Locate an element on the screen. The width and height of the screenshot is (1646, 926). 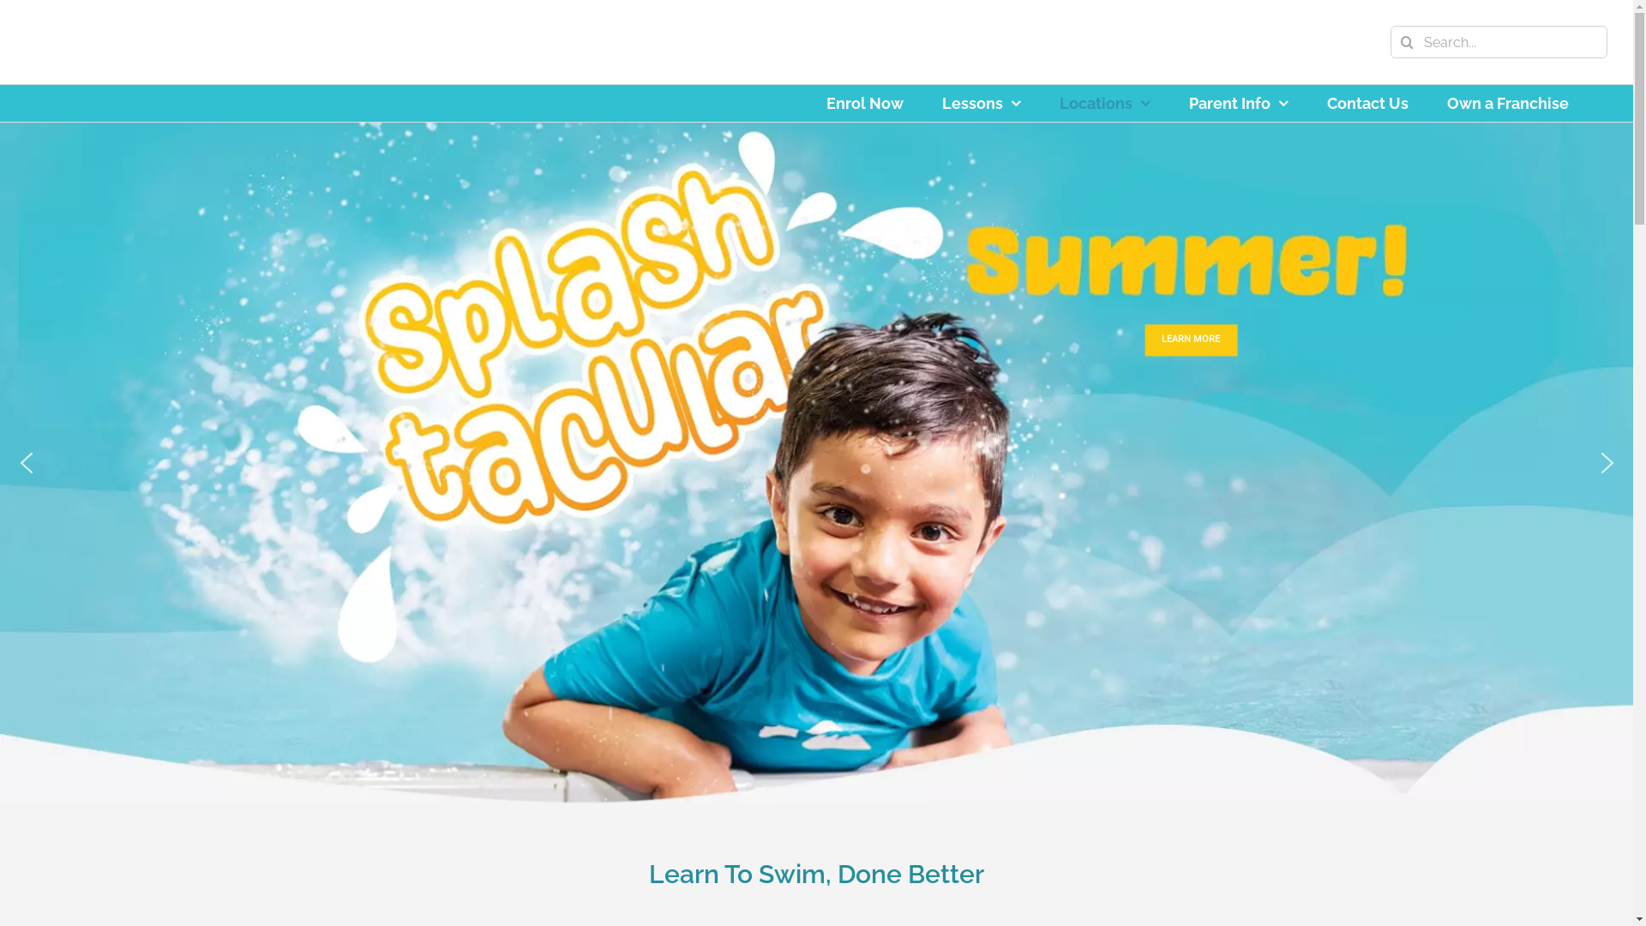
'Locations' is located at coordinates (1059, 103).